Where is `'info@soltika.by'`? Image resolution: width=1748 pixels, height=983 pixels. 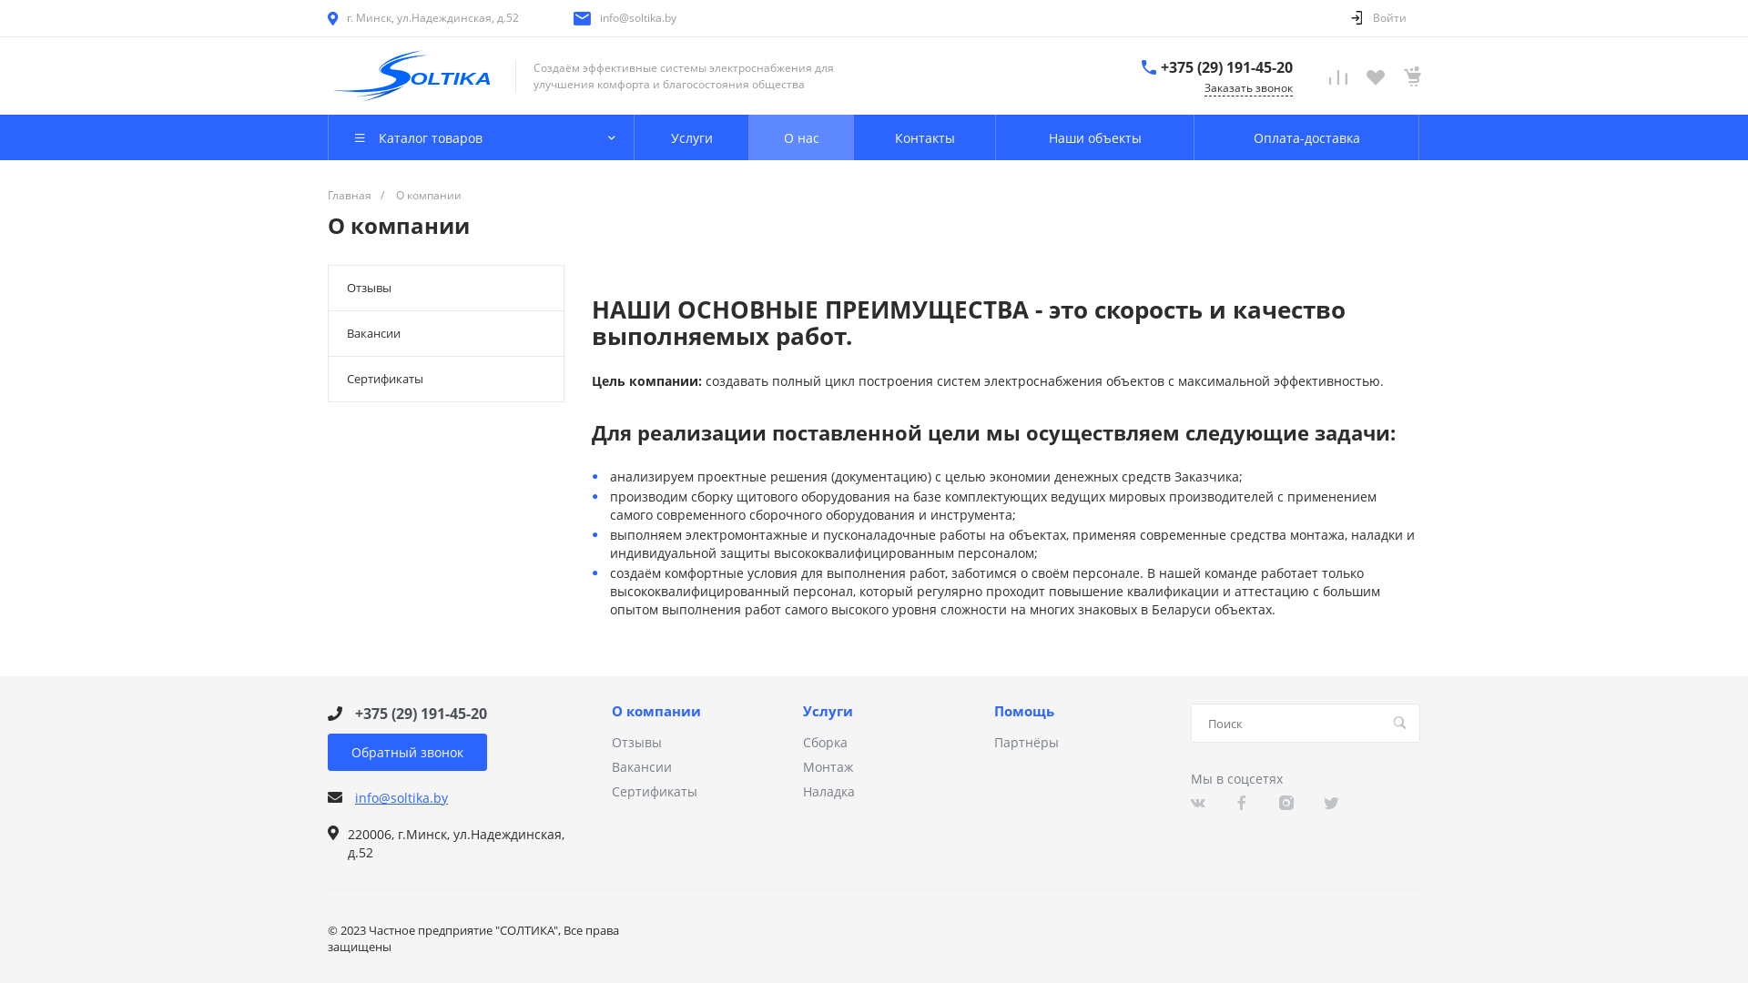
'info@soltika.by' is located at coordinates (354, 796).